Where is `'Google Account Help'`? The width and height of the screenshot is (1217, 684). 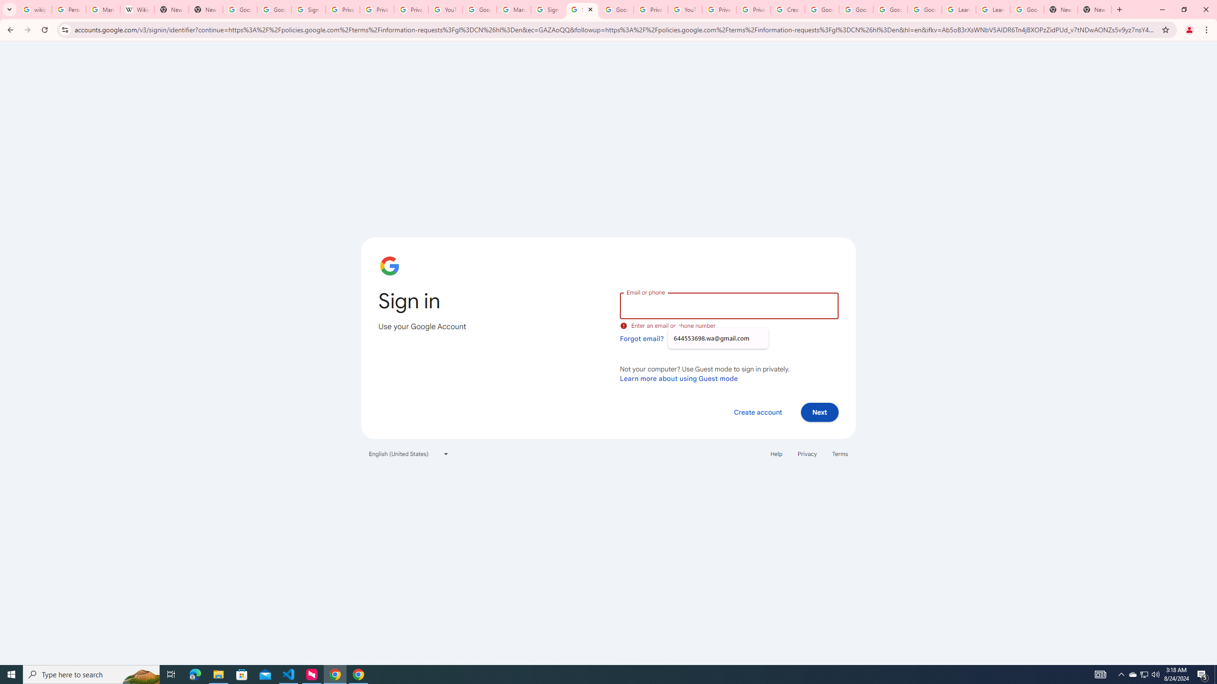 'Google Account Help' is located at coordinates (855, 9).